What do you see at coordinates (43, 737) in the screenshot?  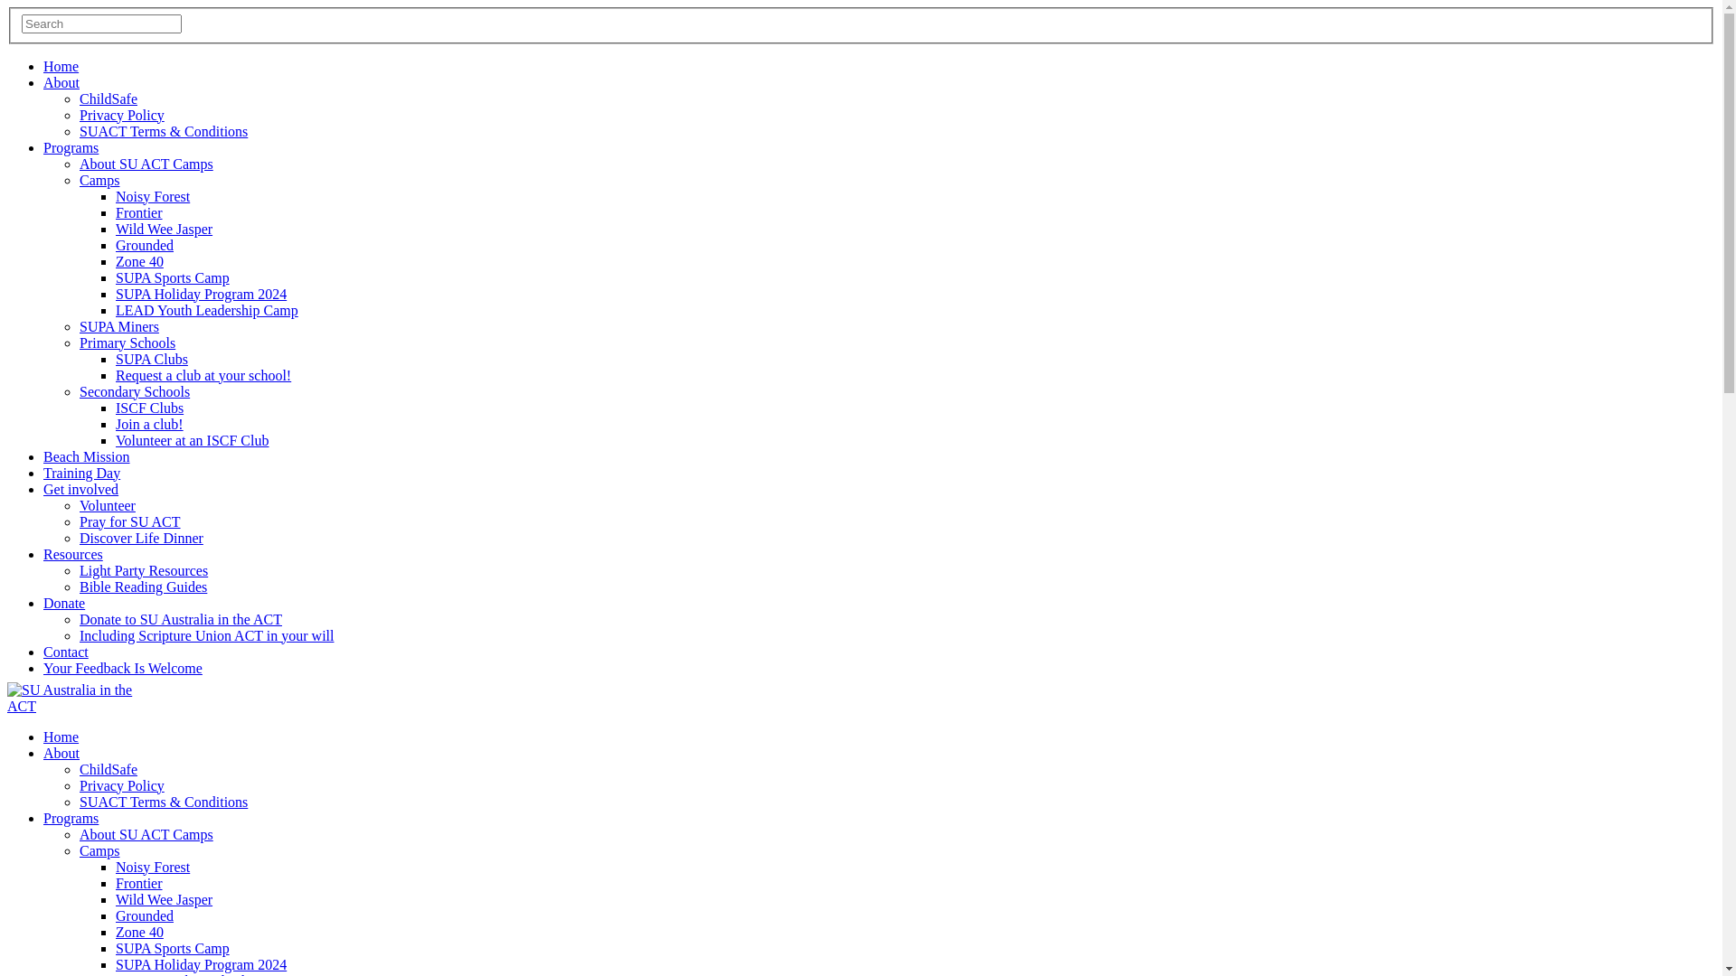 I see `'Home'` at bounding box center [43, 737].